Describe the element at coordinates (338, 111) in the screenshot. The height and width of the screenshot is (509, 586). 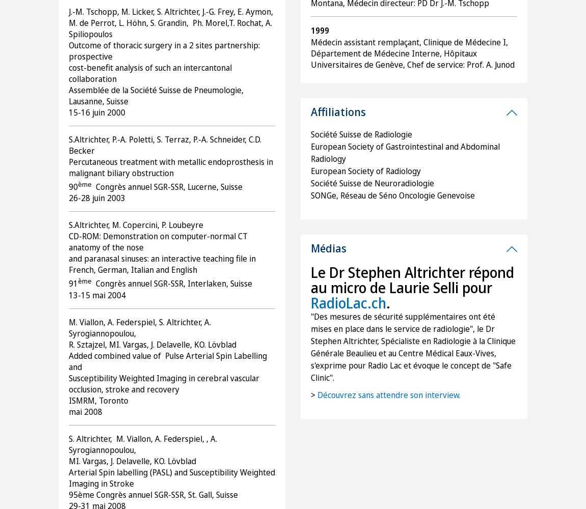
I see `'Affiliations'` at that location.